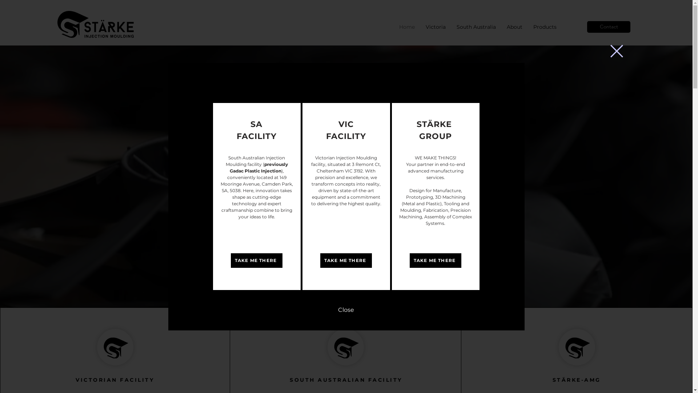  What do you see at coordinates (345, 260) in the screenshot?
I see `'TAKE ME THERE'` at bounding box center [345, 260].